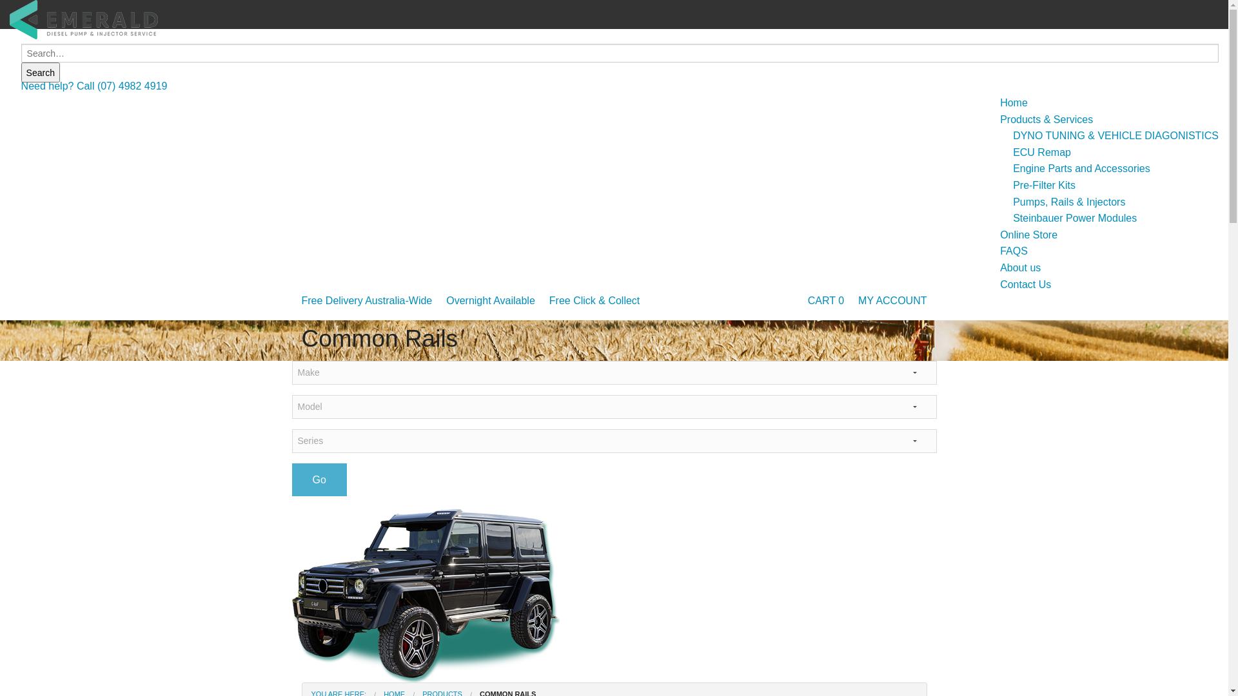  Describe the element at coordinates (1115, 135) in the screenshot. I see `'DYNO TUNING & VEHICLE DIAGONISTICS'` at that location.